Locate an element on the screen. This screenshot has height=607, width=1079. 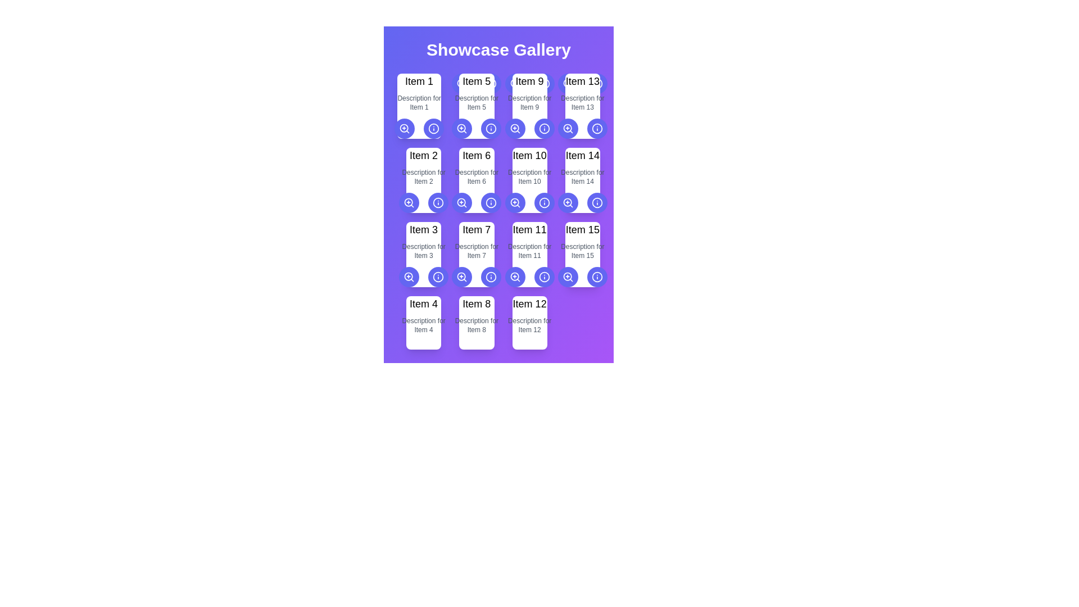
the second circular button with an indigo background and white border, which contains an information symbol is located at coordinates (491, 128).